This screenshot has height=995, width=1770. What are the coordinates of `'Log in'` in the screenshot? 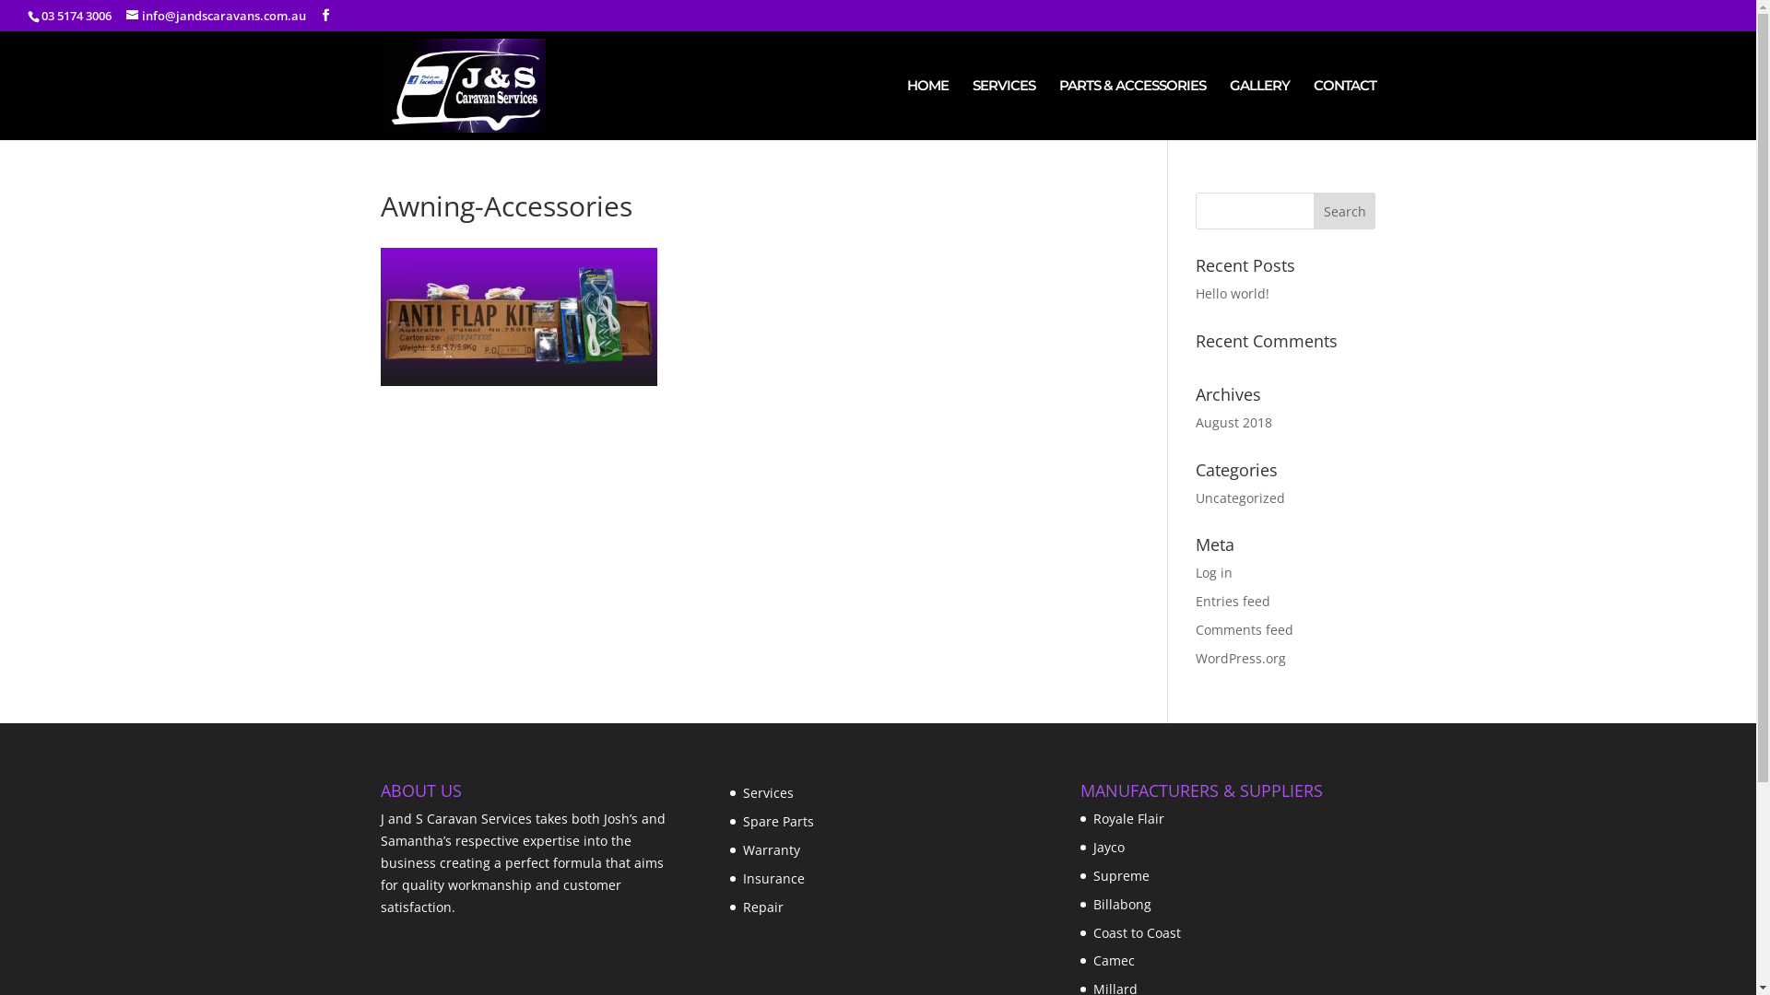 It's located at (1213, 571).